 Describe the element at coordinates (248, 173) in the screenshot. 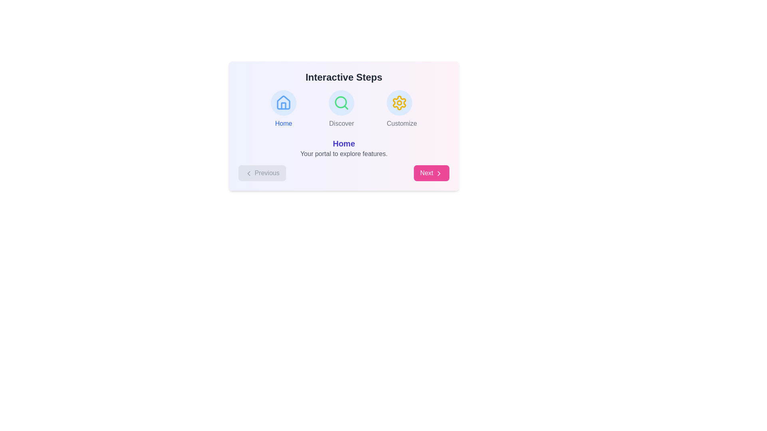

I see `the backward navigation SVG icon located within the 'Previous' button at the bottom-left of the card interface` at that location.